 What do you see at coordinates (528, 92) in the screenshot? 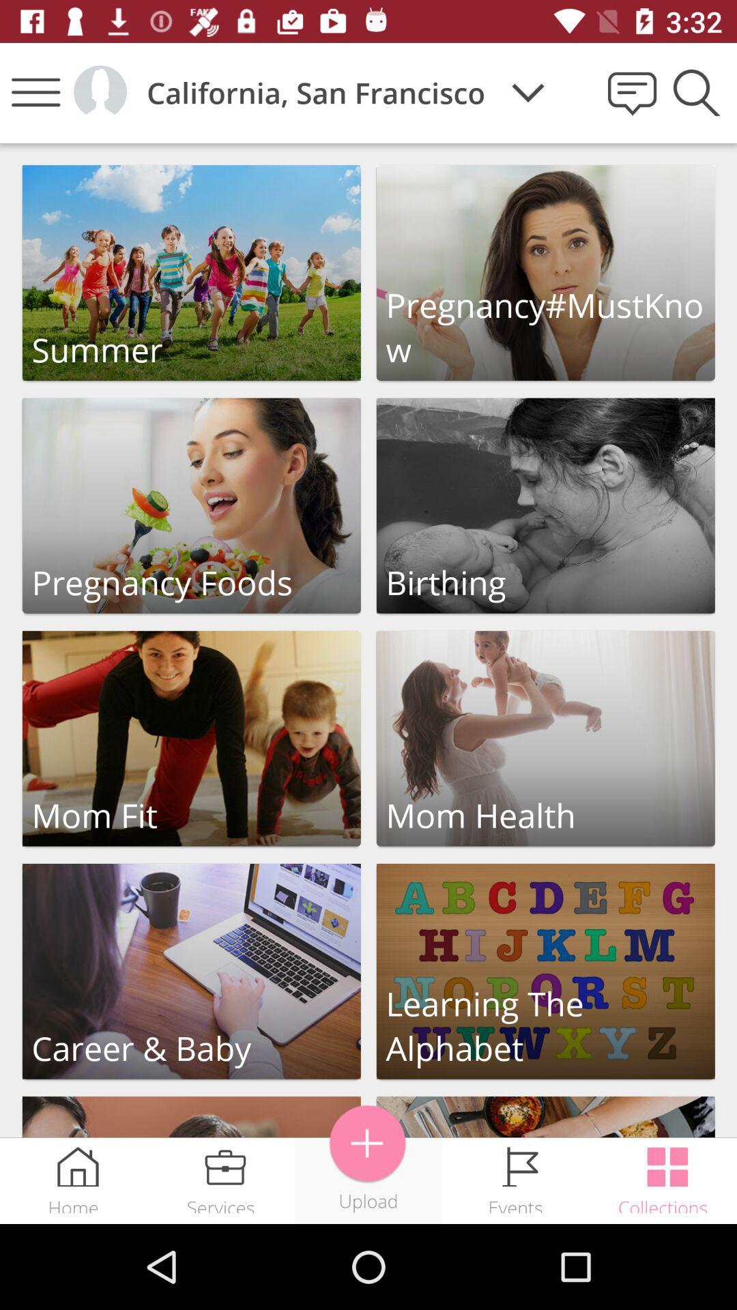
I see `icon next to the california, san francisco icon` at bounding box center [528, 92].